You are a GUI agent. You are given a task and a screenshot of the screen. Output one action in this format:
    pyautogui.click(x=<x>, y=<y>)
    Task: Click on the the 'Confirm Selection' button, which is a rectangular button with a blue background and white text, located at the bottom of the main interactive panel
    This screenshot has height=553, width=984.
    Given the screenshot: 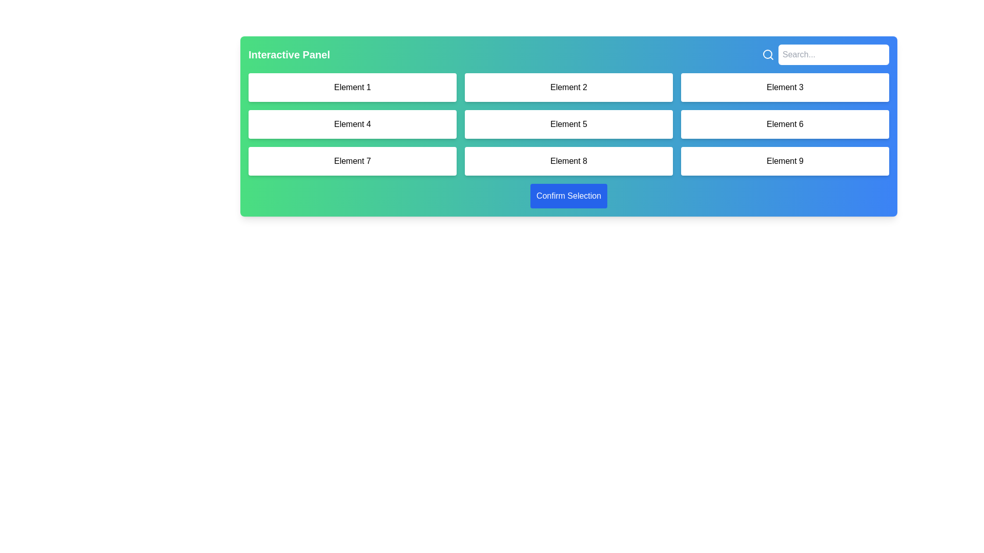 What is the action you would take?
    pyautogui.click(x=568, y=196)
    